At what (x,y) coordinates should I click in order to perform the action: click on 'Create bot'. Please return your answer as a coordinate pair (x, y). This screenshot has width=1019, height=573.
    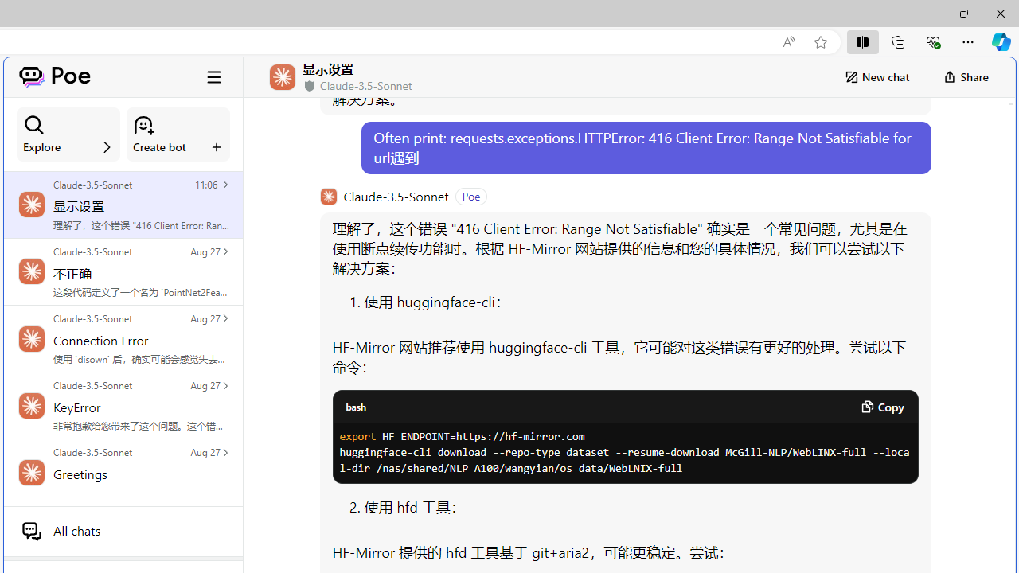
    Looking at the image, I should click on (178, 134).